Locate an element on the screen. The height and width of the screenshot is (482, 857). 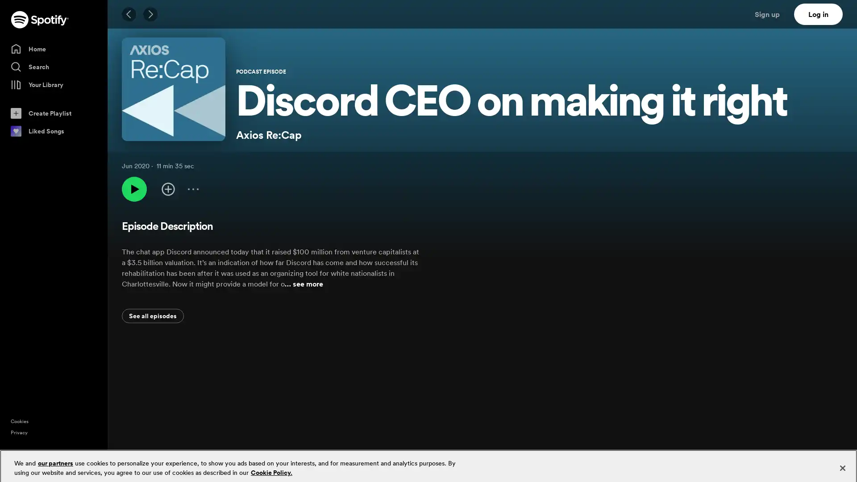
Play Discord CEO on making it right by Axios Re:Cap is located at coordinates (134, 189).